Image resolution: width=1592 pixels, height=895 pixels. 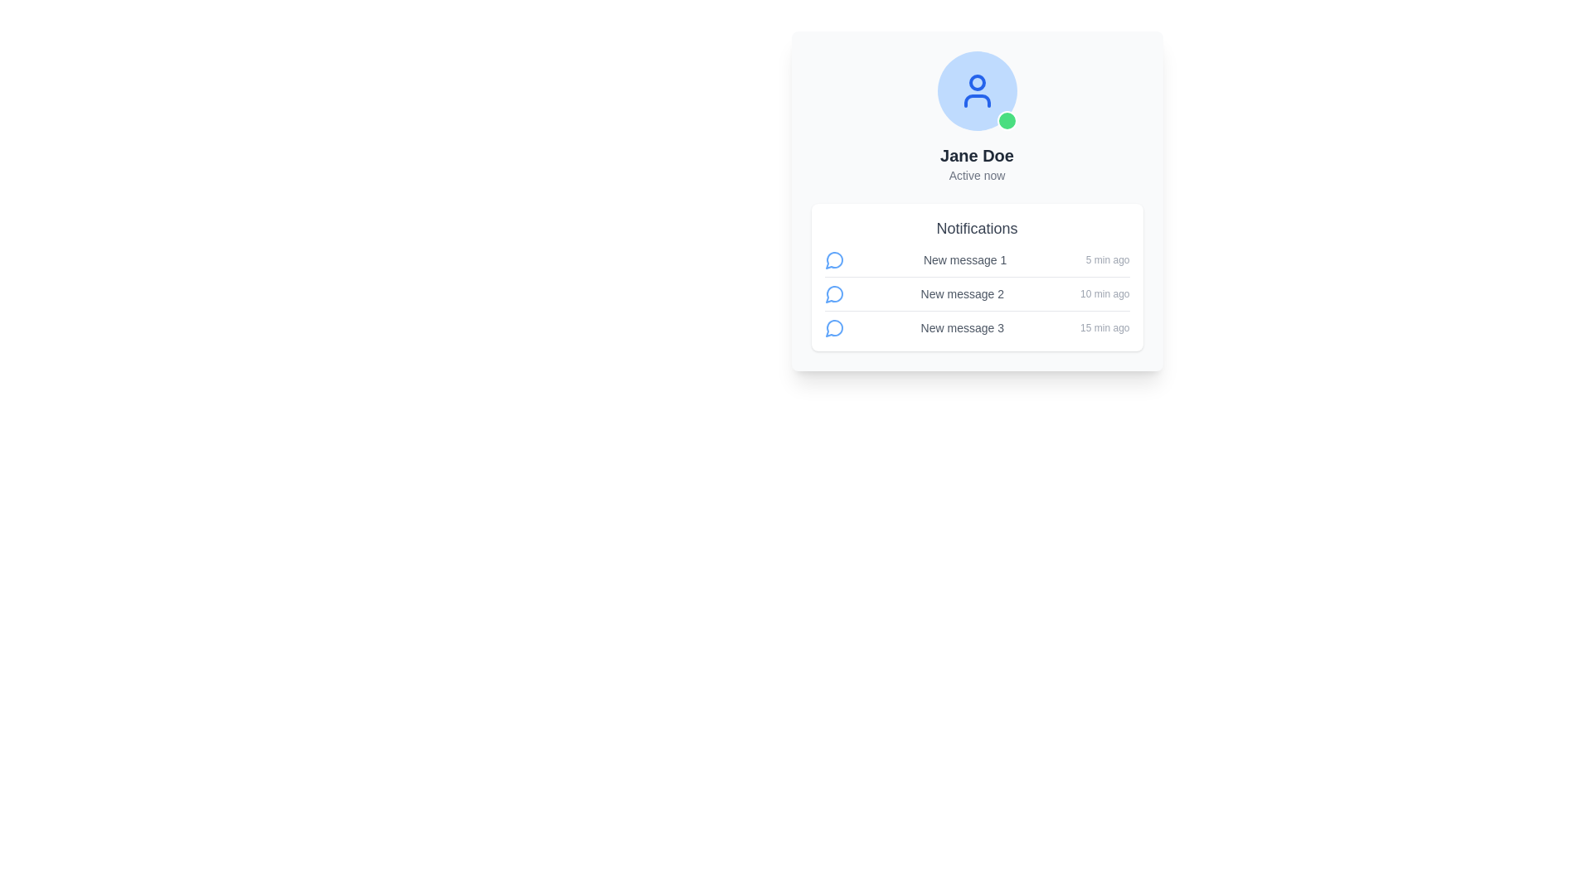 What do you see at coordinates (977, 91) in the screenshot?
I see `the user profile icon representing 'Jane Doe', located in the center area of the interface, directly above the status text 'Active now'` at bounding box center [977, 91].